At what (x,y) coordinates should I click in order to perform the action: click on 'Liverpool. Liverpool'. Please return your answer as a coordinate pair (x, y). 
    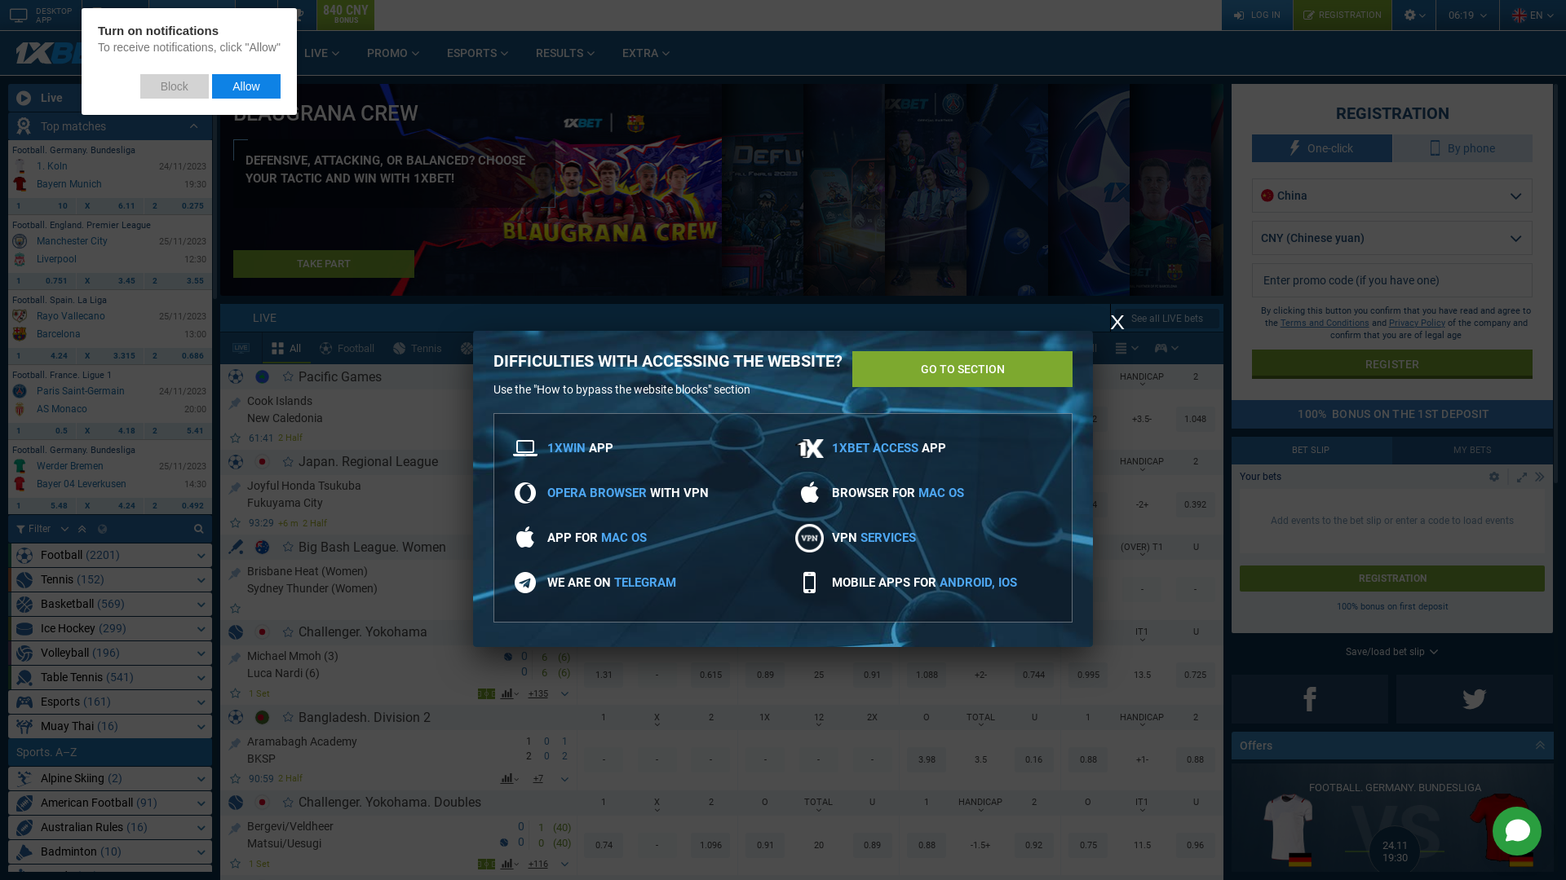
    Looking at the image, I should click on (20, 257).